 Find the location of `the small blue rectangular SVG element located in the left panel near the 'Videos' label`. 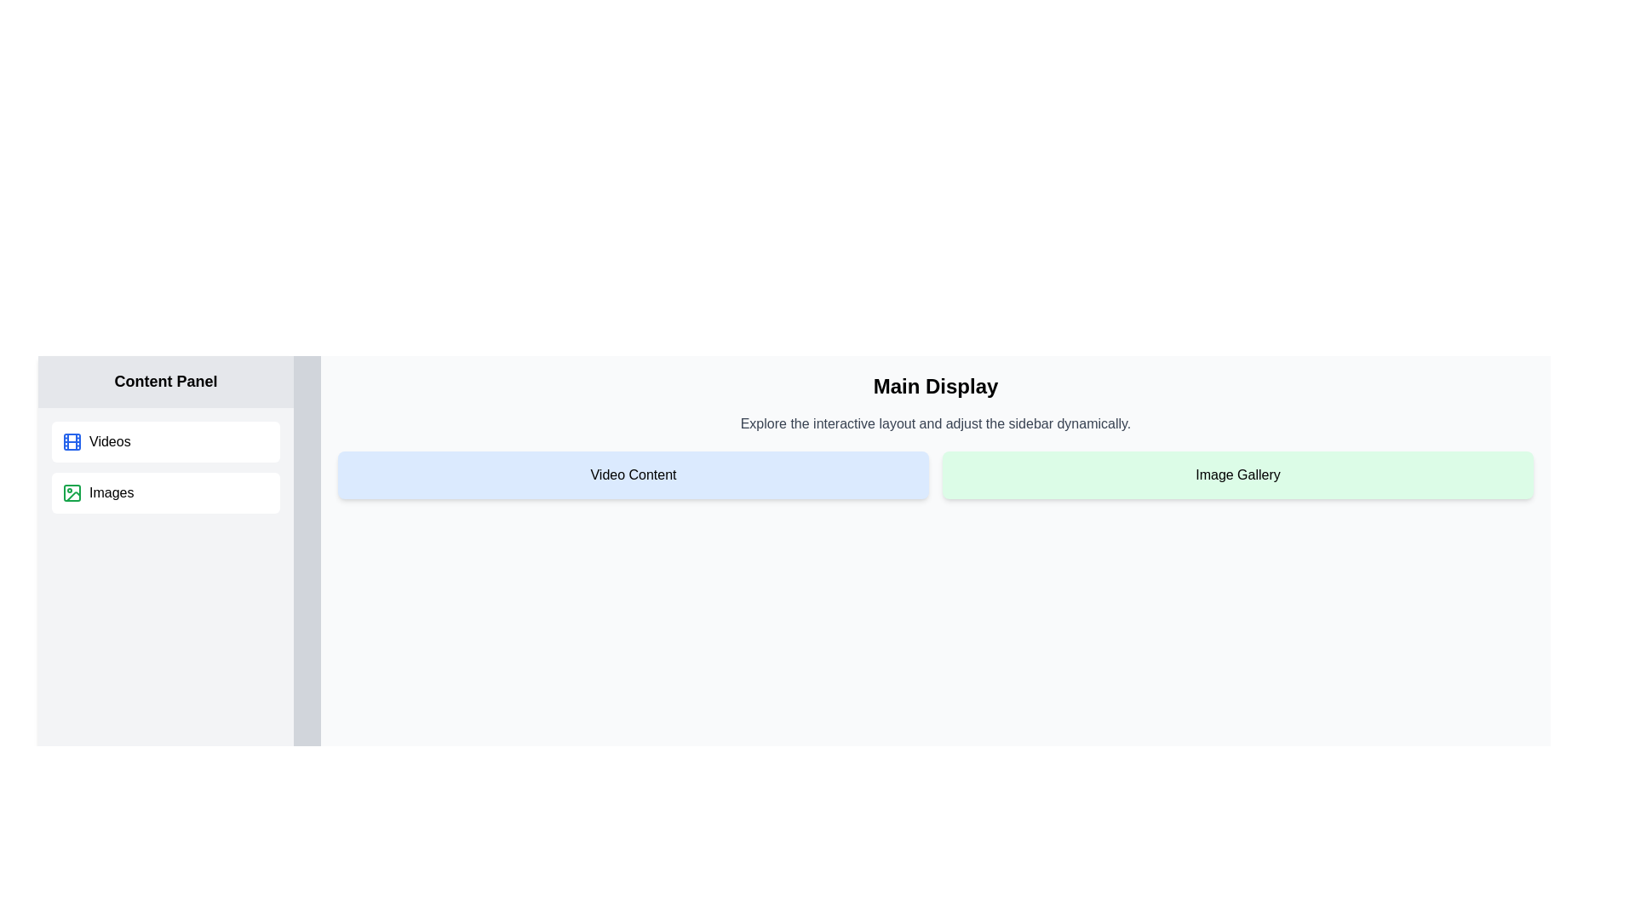

the small blue rectangular SVG element located in the left panel near the 'Videos' label is located at coordinates (72, 441).